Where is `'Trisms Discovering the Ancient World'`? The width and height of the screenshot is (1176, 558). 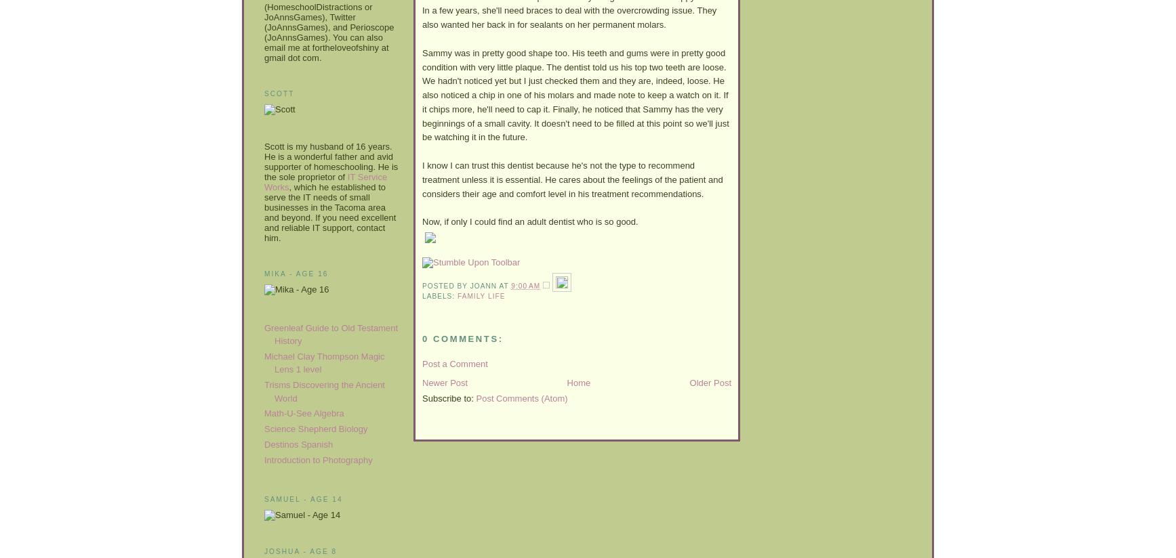 'Trisms Discovering the Ancient World' is located at coordinates (324, 391).